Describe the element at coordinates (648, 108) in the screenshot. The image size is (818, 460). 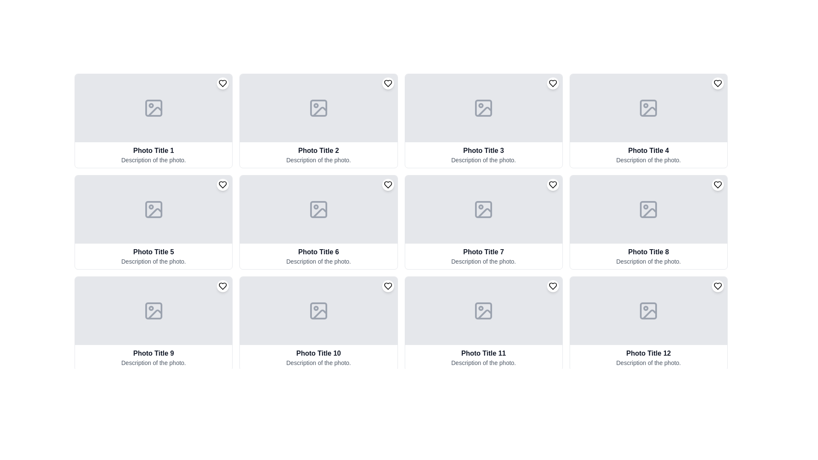
I see `the rectangular graphical shape within the SVG that serves as an image placeholder icon in the fourth card labeled 'Photo Title 4'` at that location.